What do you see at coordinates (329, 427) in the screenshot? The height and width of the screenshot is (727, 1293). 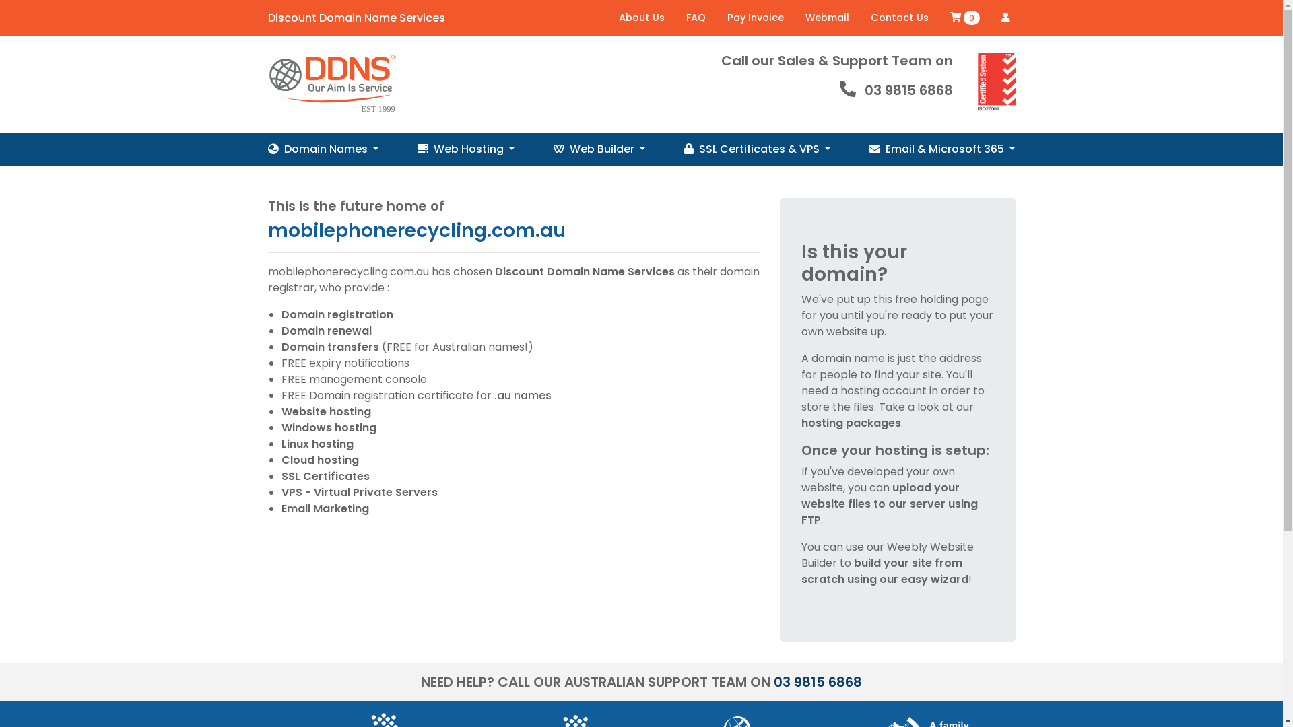 I see `'Windows hosting'` at bounding box center [329, 427].